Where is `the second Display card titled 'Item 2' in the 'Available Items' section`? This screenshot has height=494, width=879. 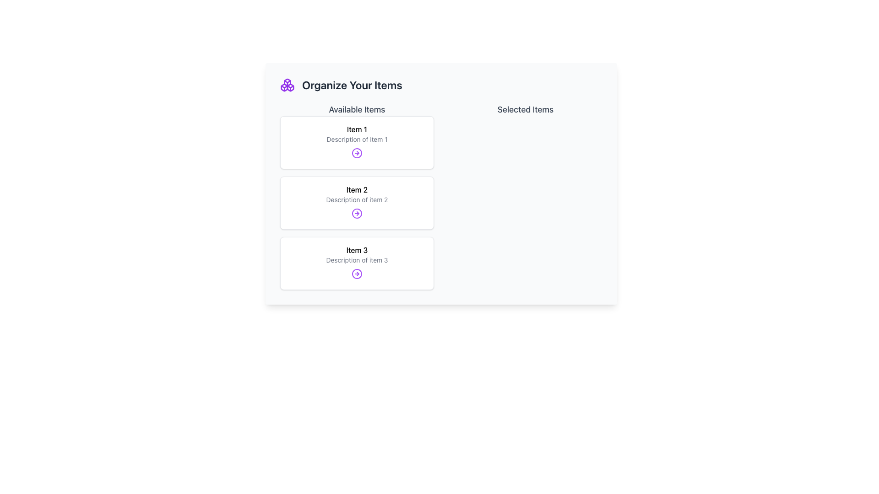 the second Display card titled 'Item 2' in the 'Available Items' section is located at coordinates (356, 196).